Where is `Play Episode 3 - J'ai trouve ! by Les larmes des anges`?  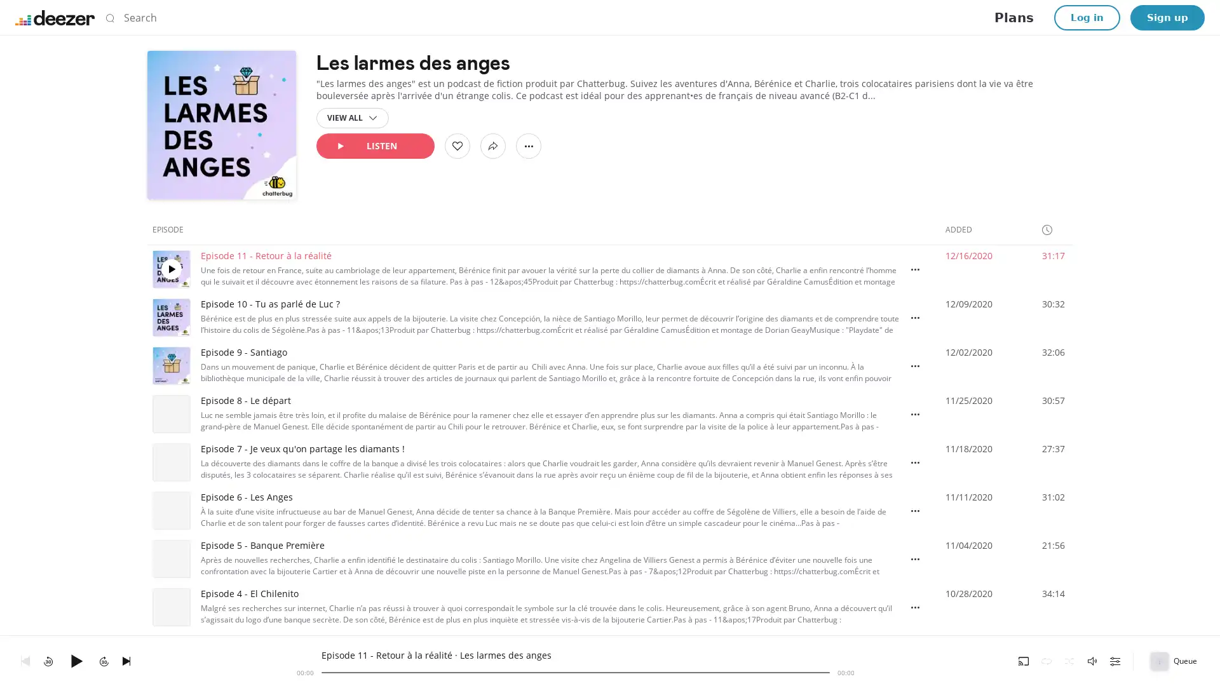 Play Episode 3 - J'ai trouve ! by Les larmes des anges is located at coordinates (170, 656).